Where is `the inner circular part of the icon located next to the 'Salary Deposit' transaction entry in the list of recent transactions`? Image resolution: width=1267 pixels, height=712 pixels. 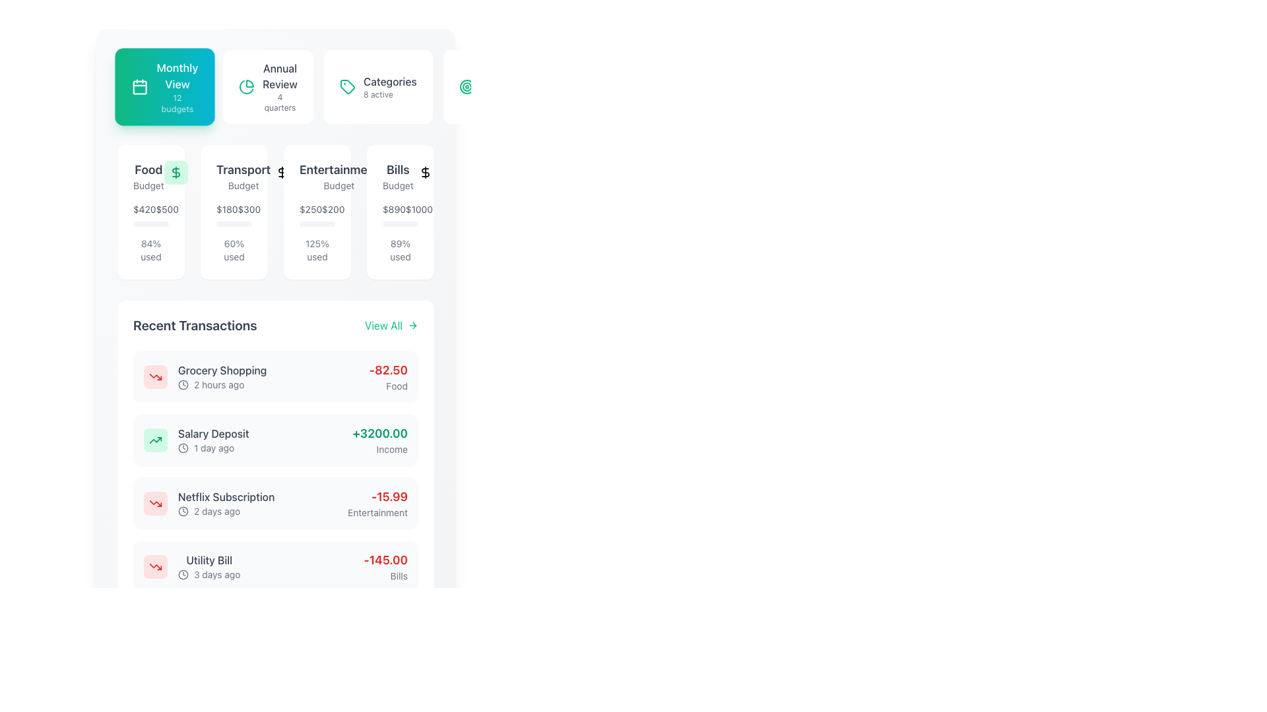
the inner circular part of the icon located next to the 'Salary Deposit' transaction entry in the list of recent transactions is located at coordinates (183, 447).